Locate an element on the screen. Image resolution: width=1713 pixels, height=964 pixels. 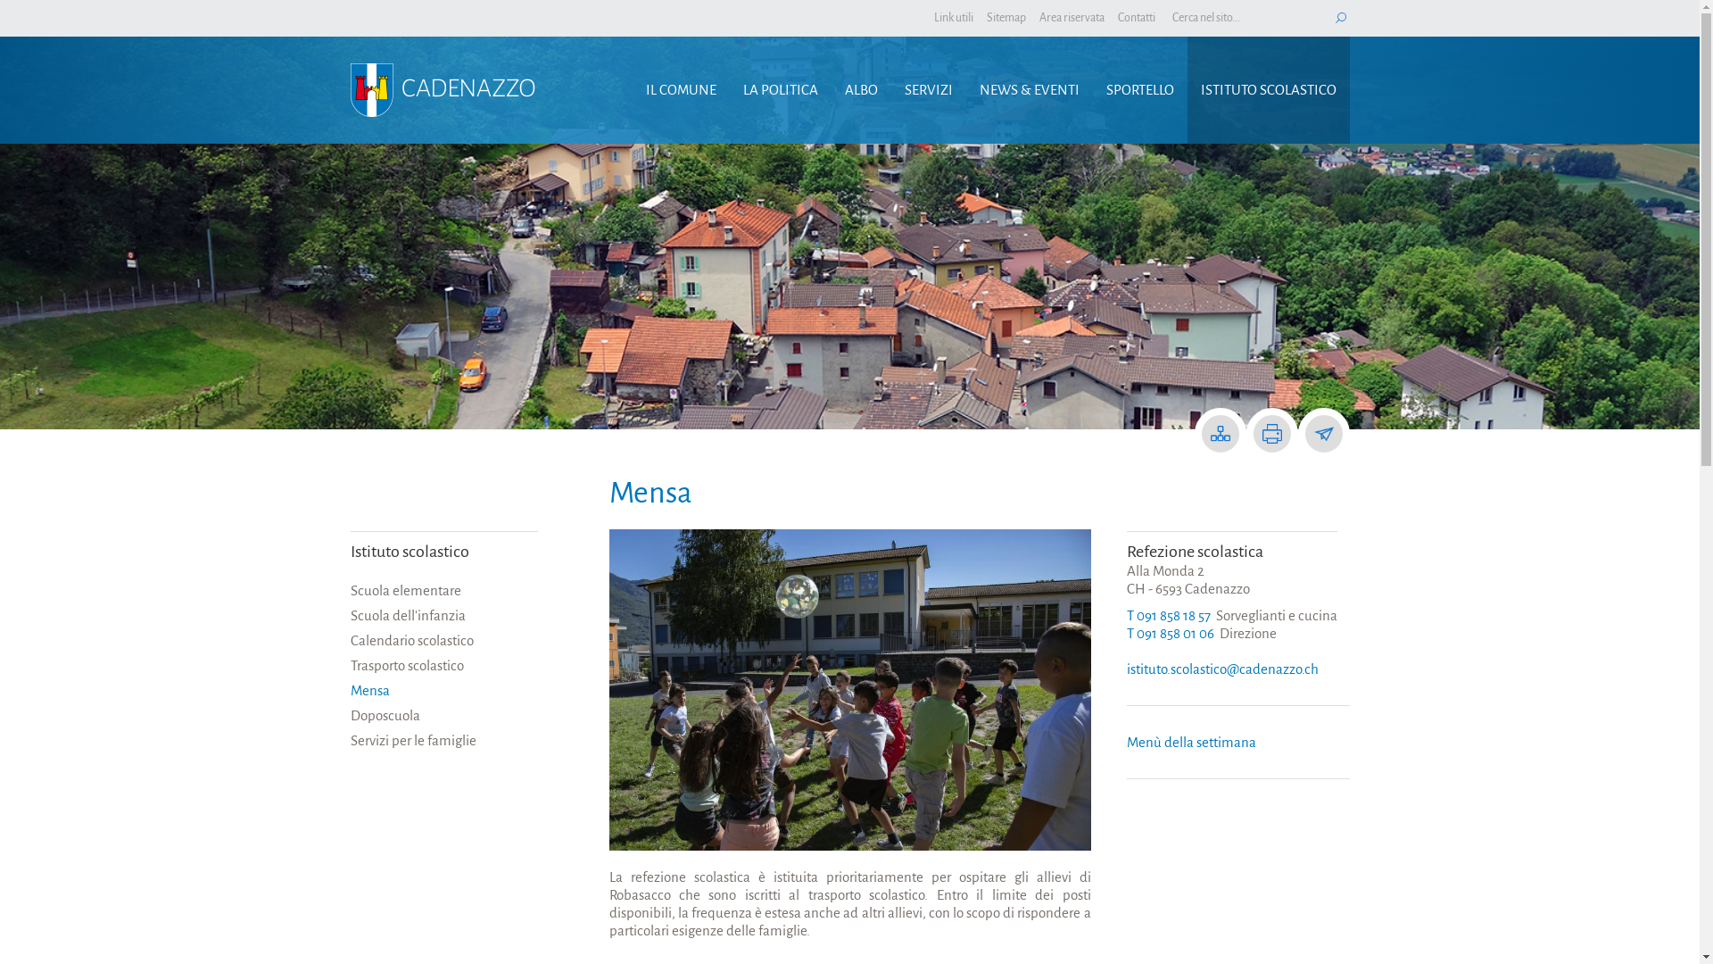
'Sitemap' is located at coordinates (1006, 18).